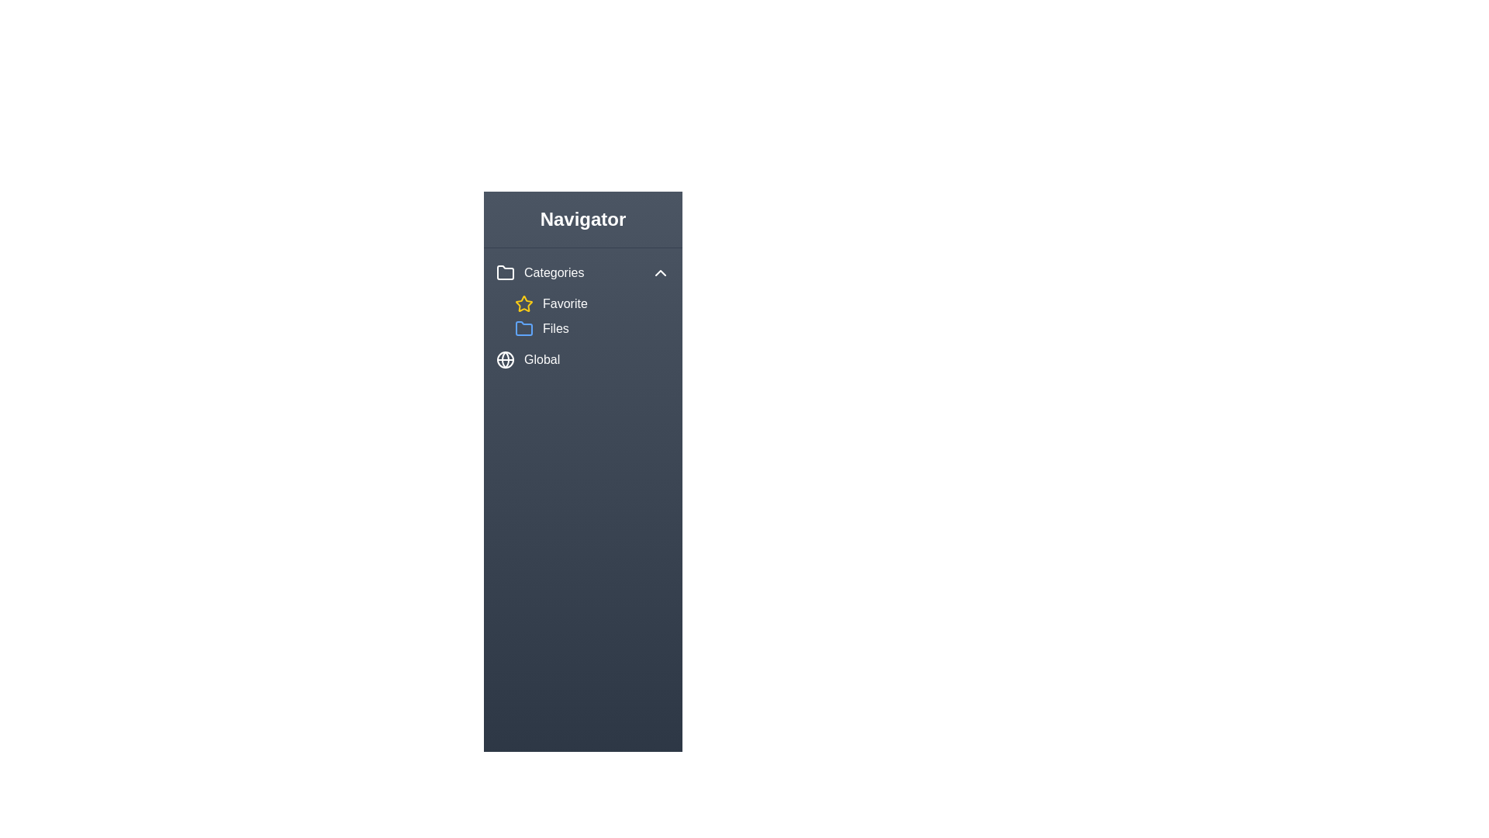 The image size is (1489, 838). I want to click on the 'Categories' header to toggle its expanded or collapsed state, so click(582, 272).